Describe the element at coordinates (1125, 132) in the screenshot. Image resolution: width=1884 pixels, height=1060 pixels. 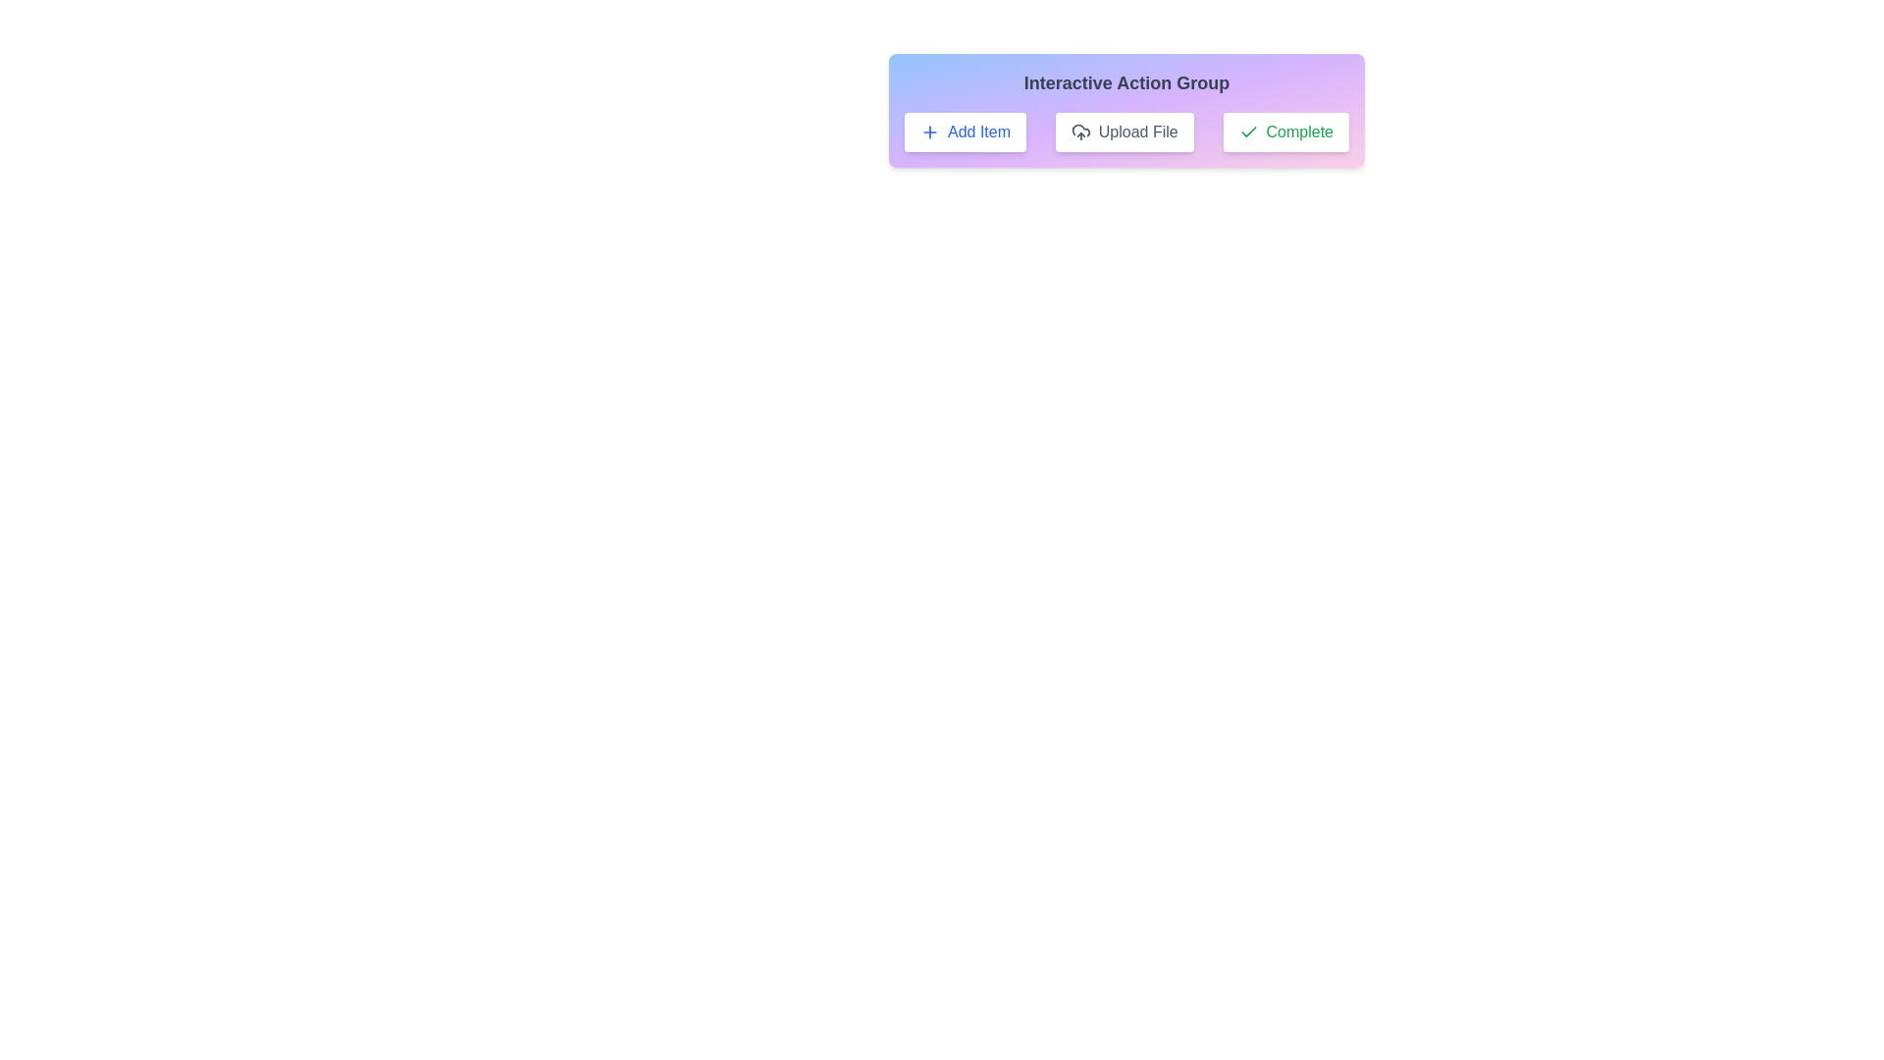
I see `the 'Upload File' button, which is styled with a light gray rounded background and dark gray text` at that location.